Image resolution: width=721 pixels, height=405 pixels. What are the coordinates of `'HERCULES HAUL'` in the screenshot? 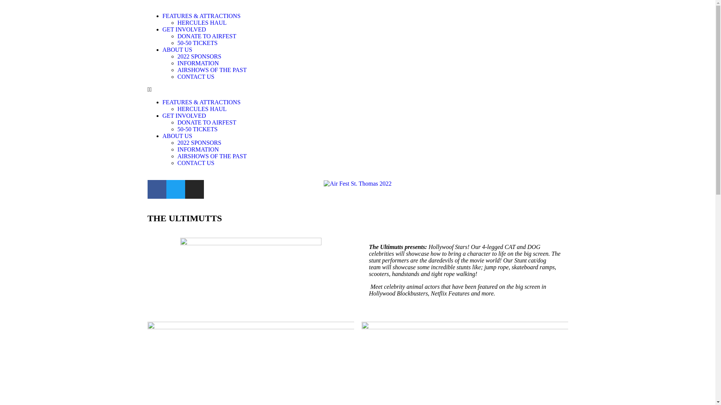 It's located at (202, 109).